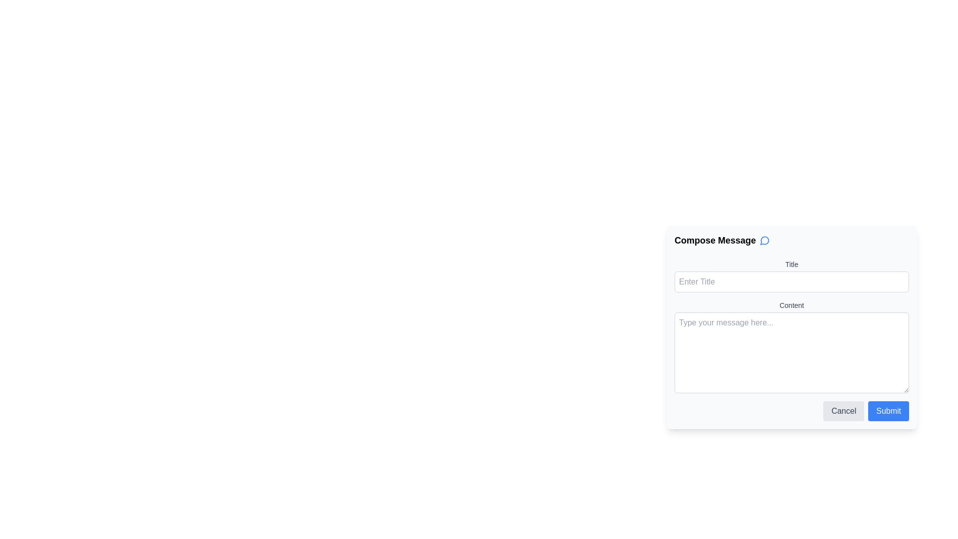 Image resolution: width=958 pixels, height=539 pixels. Describe the element at coordinates (764, 241) in the screenshot. I see `the messaging icon located to the right of the 'Compose Message' text in the header section` at that location.